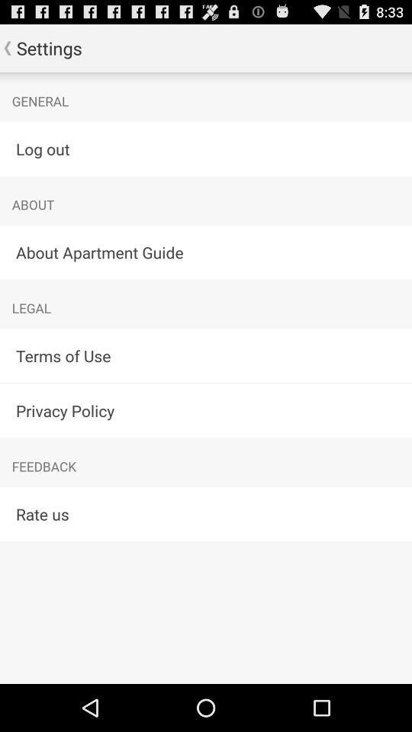  What do you see at coordinates (206, 252) in the screenshot?
I see `the item above legal item` at bounding box center [206, 252].